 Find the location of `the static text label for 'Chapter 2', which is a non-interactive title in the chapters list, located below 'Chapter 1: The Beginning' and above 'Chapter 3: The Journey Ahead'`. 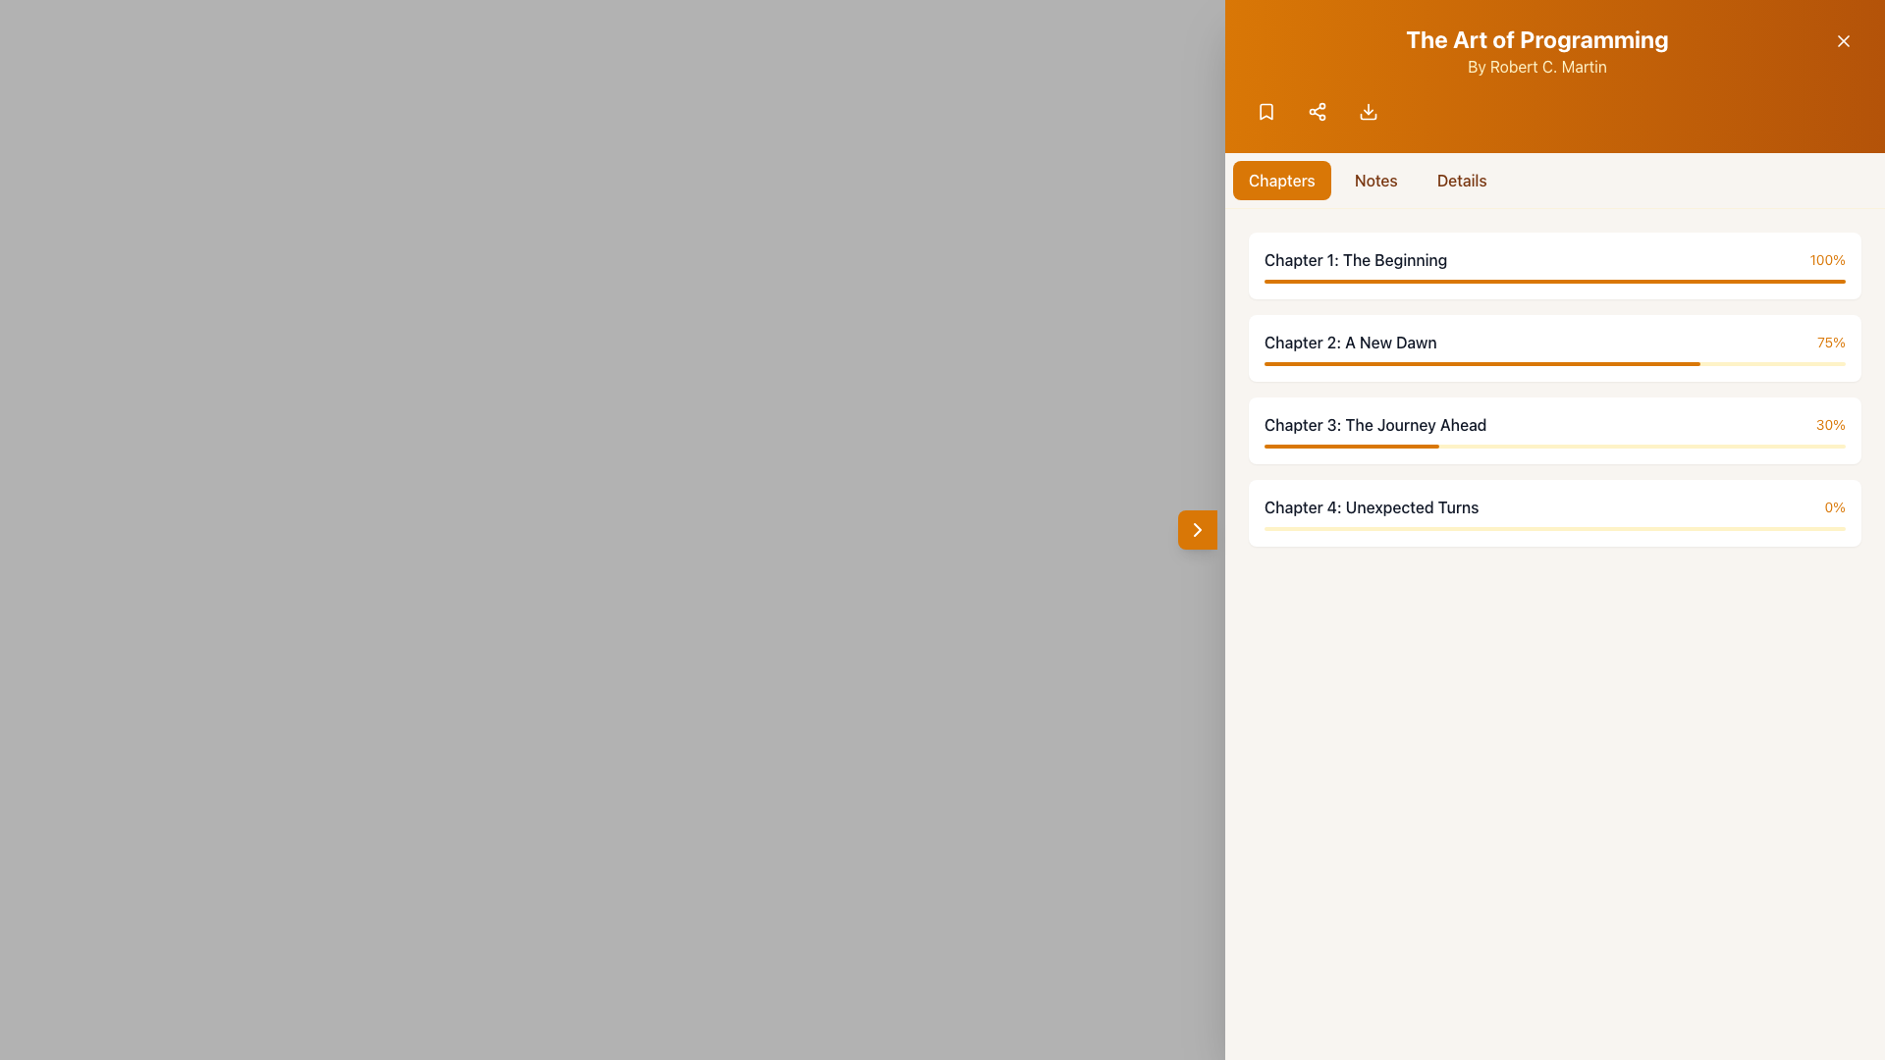

the static text label for 'Chapter 2', which is a non-interactive title in the chapters list, located below 'Chapter 1: The Beginning' and above 'Chapter 3: The Journey Ahead' is located at coordinates (1349, 341).